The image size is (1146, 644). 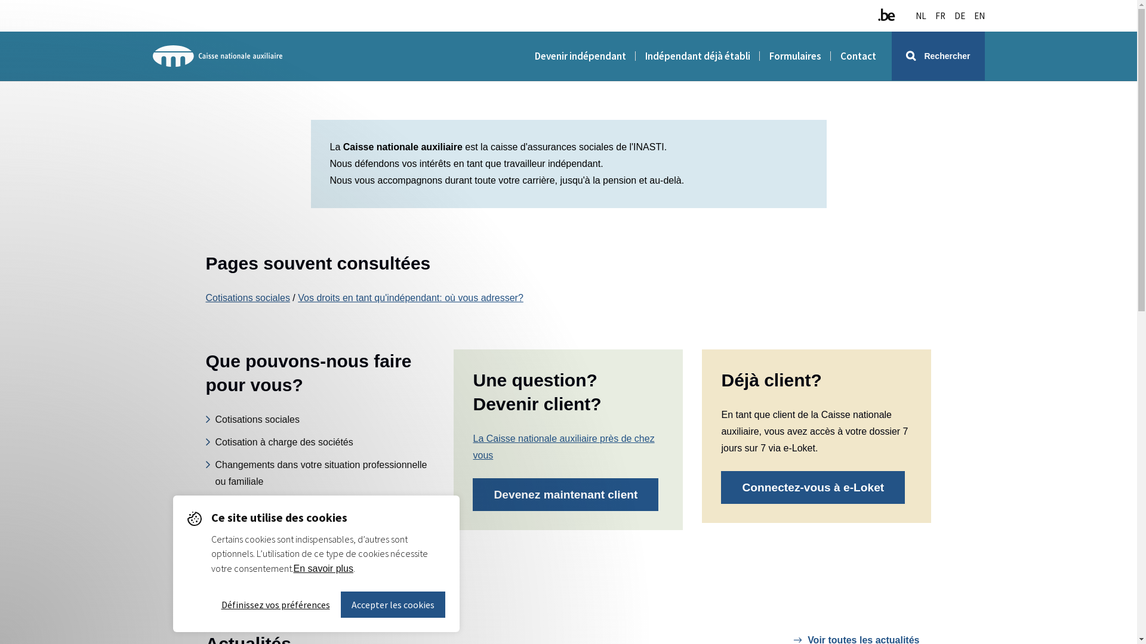 I want to click on 'Contact', so click(x=839, y=55).